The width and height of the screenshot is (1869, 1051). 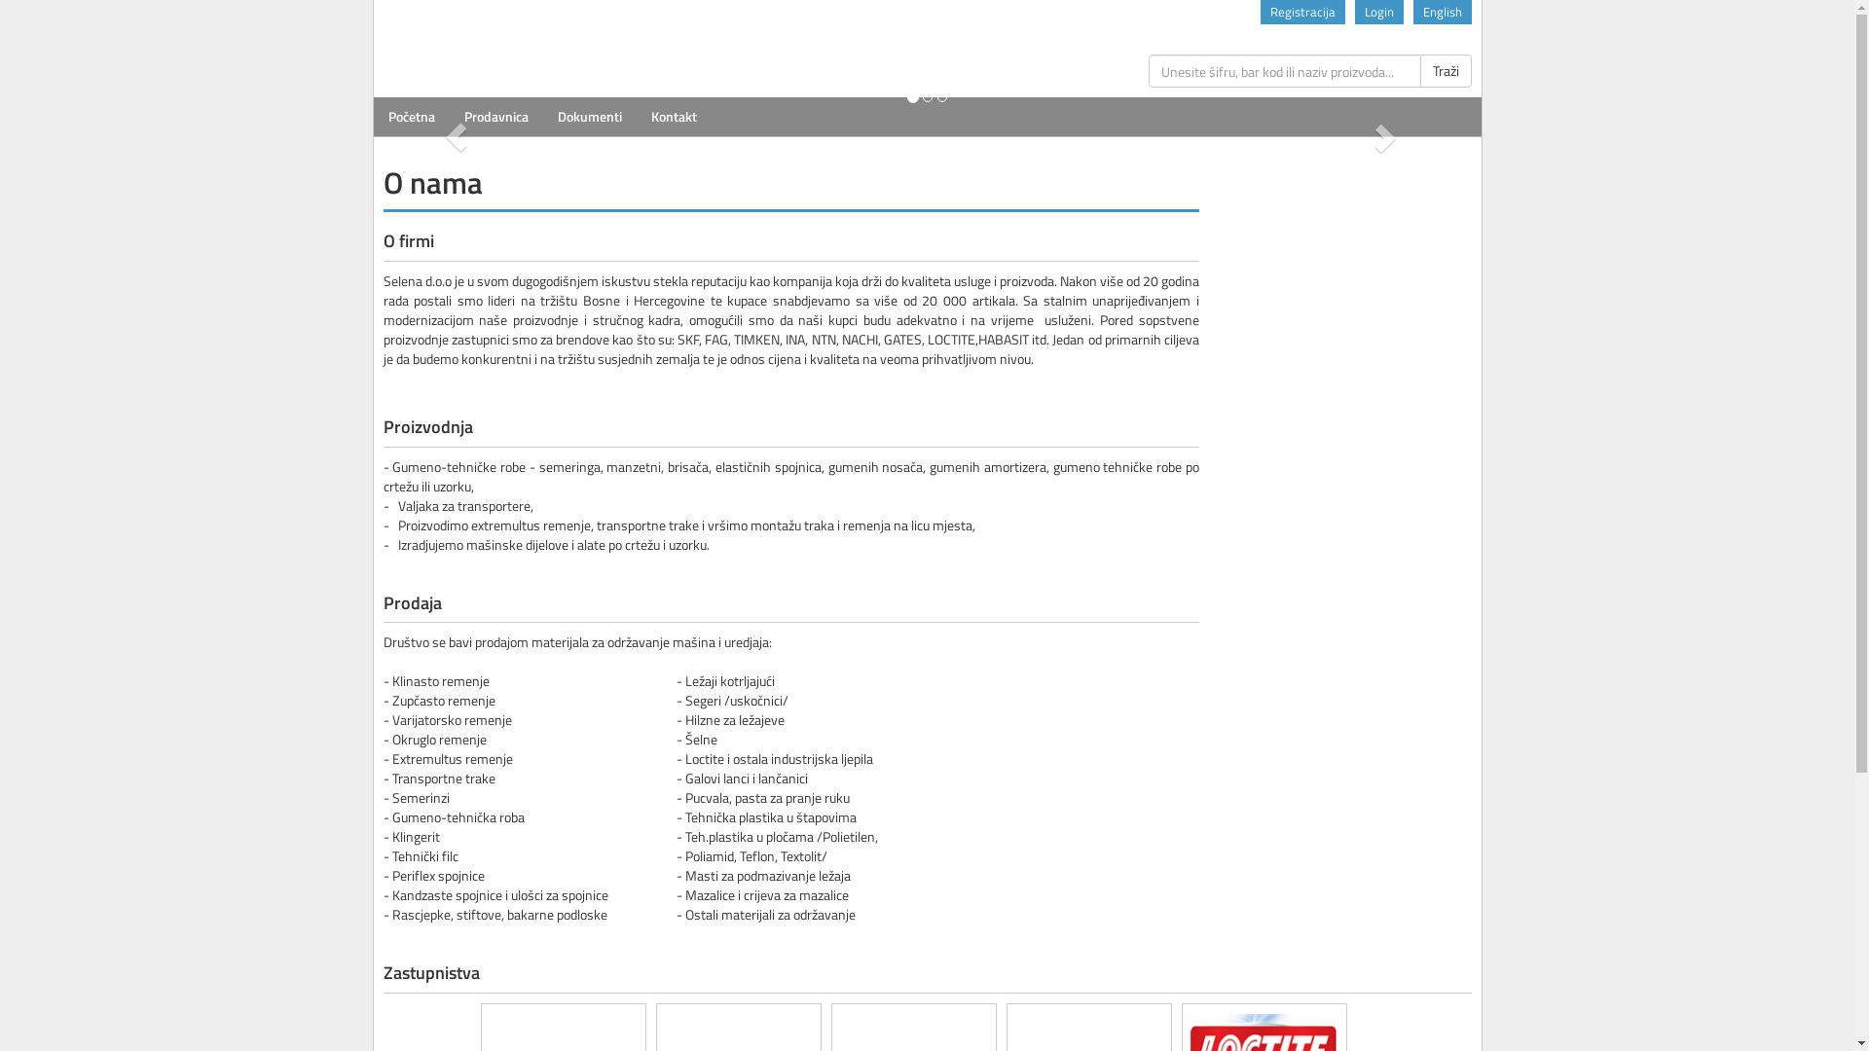 What do you see at coordinates (636, 116) in the screenshot?
I see `'Kontakt'` at bounding box center [636, 116].